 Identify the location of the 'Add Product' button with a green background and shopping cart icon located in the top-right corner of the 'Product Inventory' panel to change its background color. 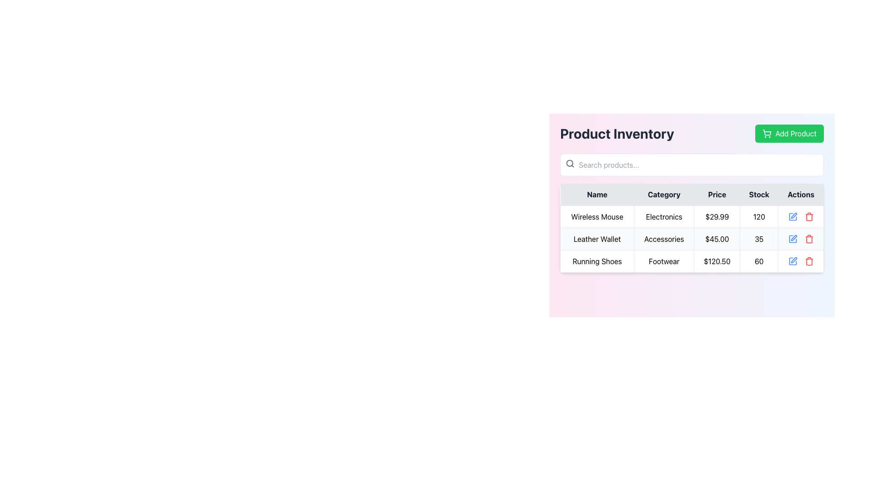
(789, 133).